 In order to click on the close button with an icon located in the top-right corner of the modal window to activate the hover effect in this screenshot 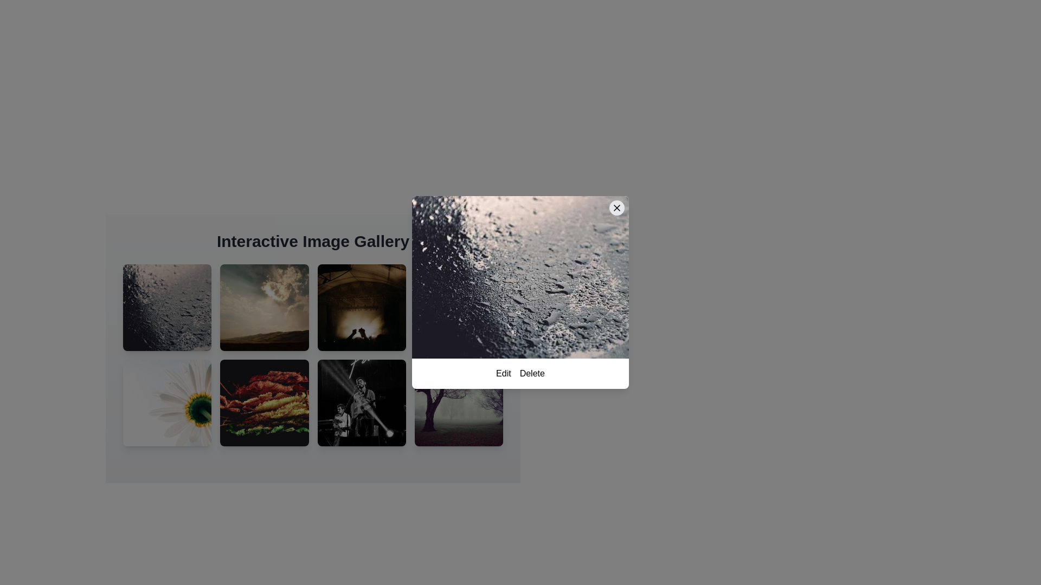, I will do `click(616, 208)`.